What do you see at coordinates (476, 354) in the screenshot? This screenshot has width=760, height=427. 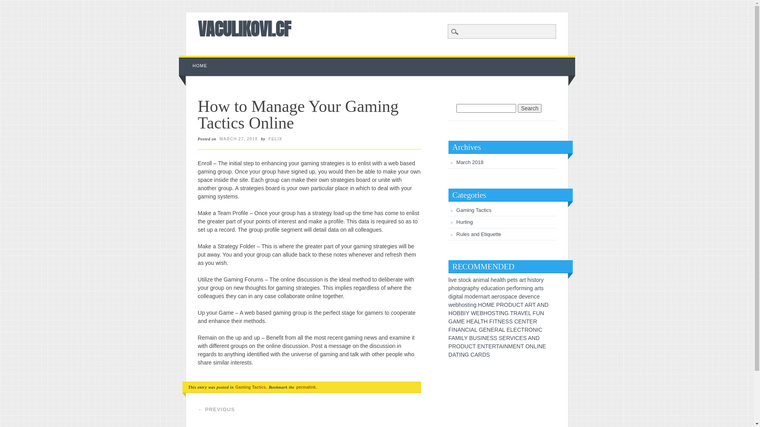 I see `'A'` at bounding box center [476, 354].